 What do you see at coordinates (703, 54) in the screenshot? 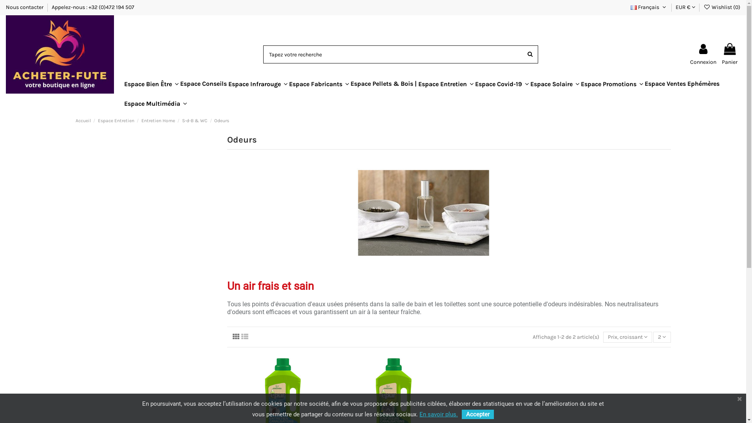
I see `'Connexion'` at bounding box center [703, 54].